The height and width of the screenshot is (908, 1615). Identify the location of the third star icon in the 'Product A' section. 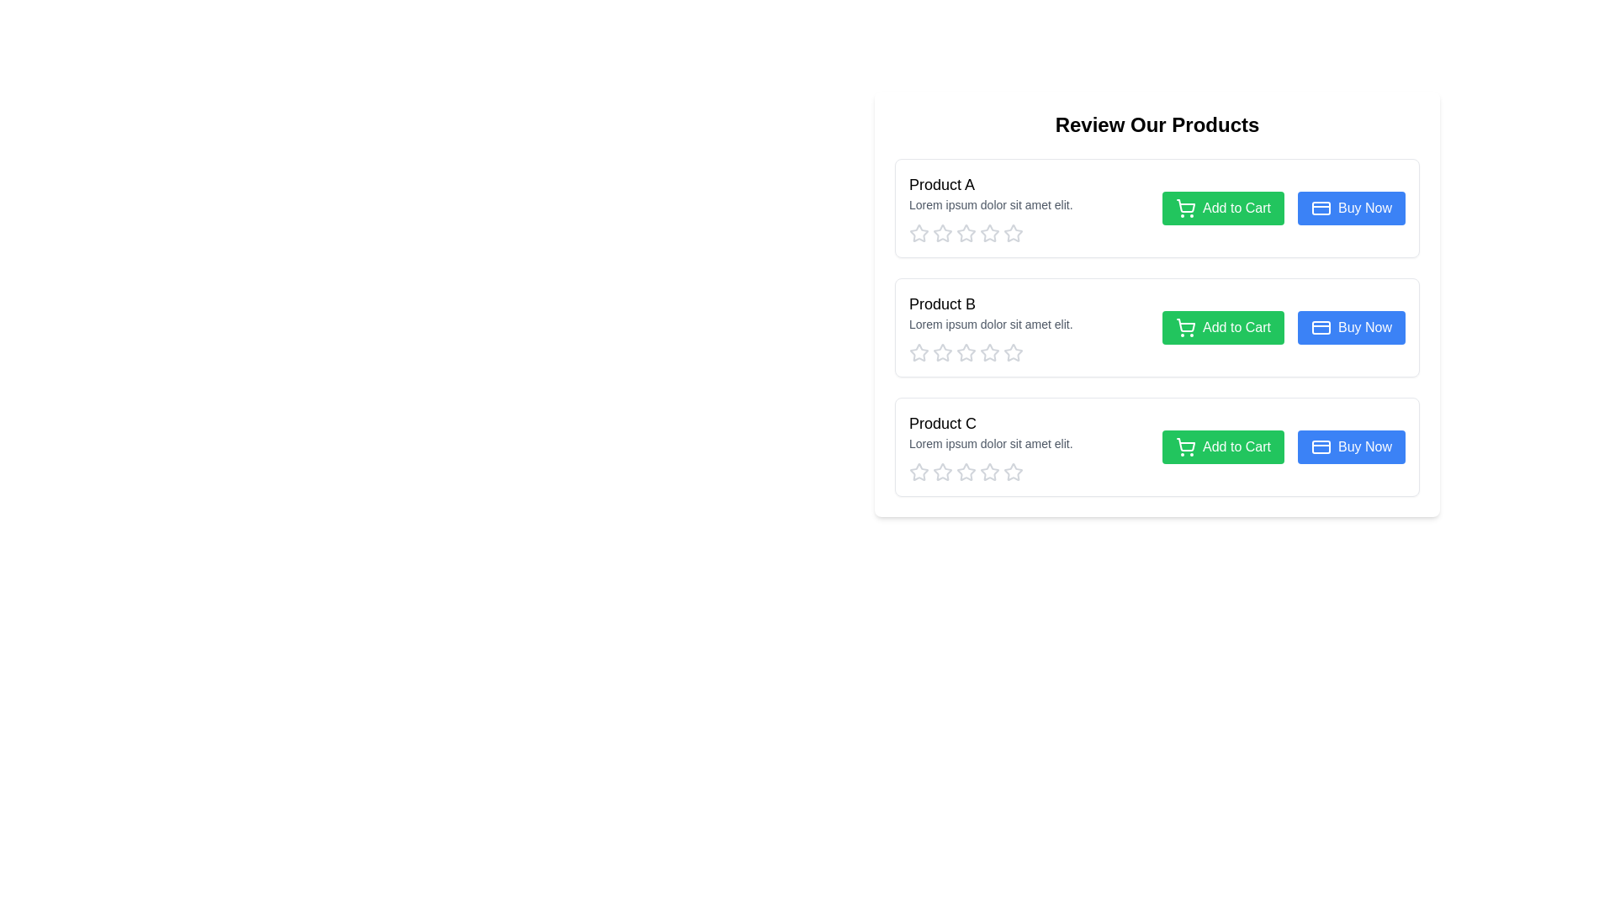
(989, 233).